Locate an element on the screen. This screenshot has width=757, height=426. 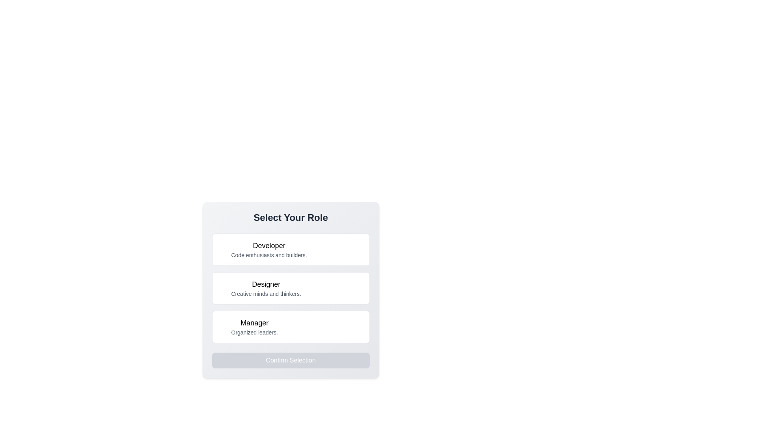
the second TextBlock in the role selection menu is located at coordinates (290, 290).